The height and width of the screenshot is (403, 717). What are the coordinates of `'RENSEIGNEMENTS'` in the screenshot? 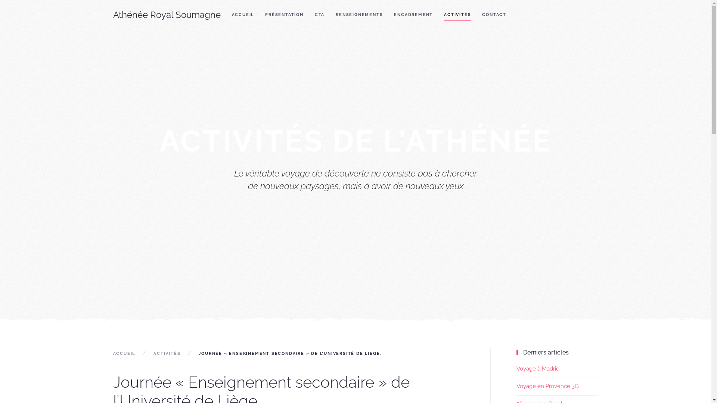 It's located at (329, 15).